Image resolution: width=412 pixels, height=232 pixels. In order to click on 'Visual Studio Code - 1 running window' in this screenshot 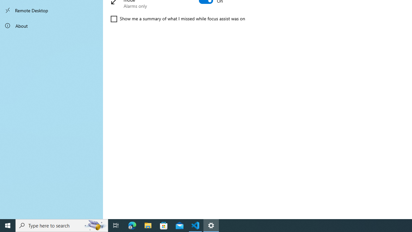, I will do `click(195, 225)`.